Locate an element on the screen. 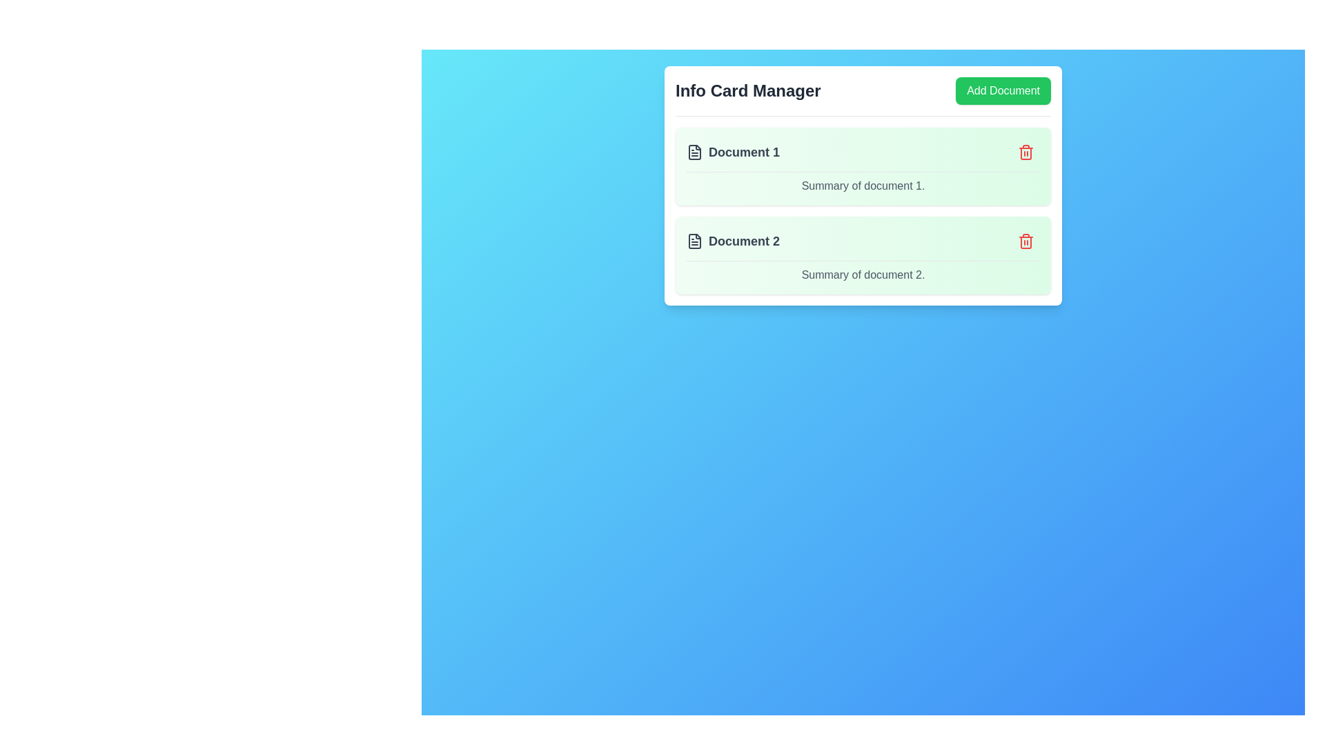  the delete button located on the far-right side of the 'Document 1' item in the list is located at coordinates (1026, 152).